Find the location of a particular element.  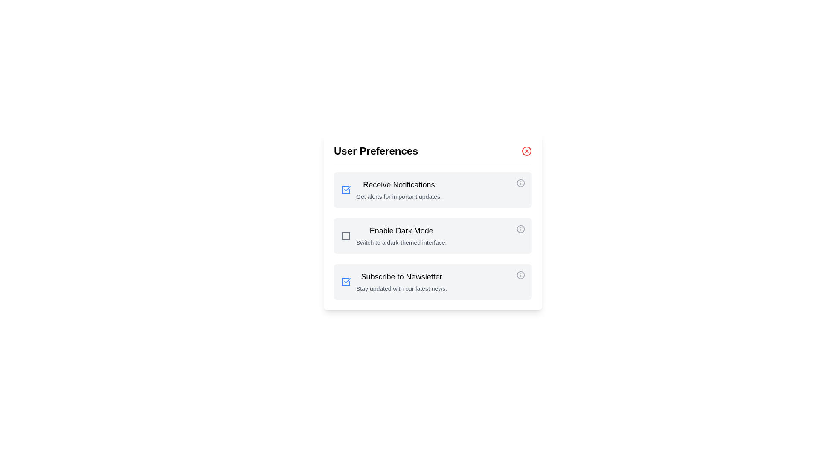

the checkbox labeled 'Enable Dark Mode' is located at coordinates (433, 236).